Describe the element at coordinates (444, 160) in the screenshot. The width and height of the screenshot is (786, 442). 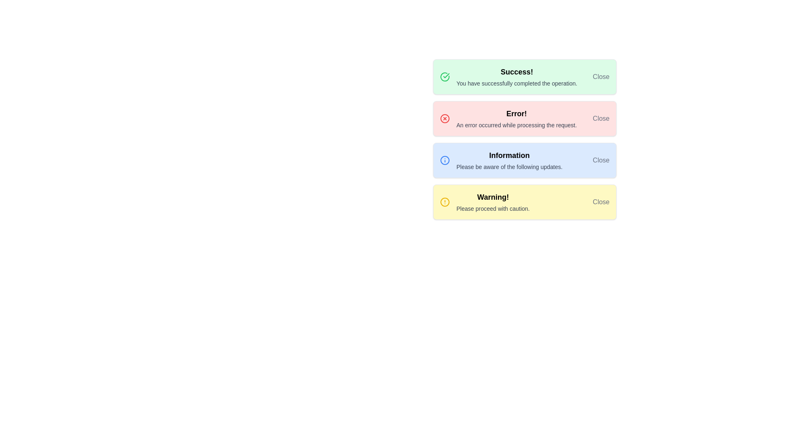
I see `the blue-bordered SVG circle located within the 'Information' notification card, which is the third item from the top in the visible list` at that location.